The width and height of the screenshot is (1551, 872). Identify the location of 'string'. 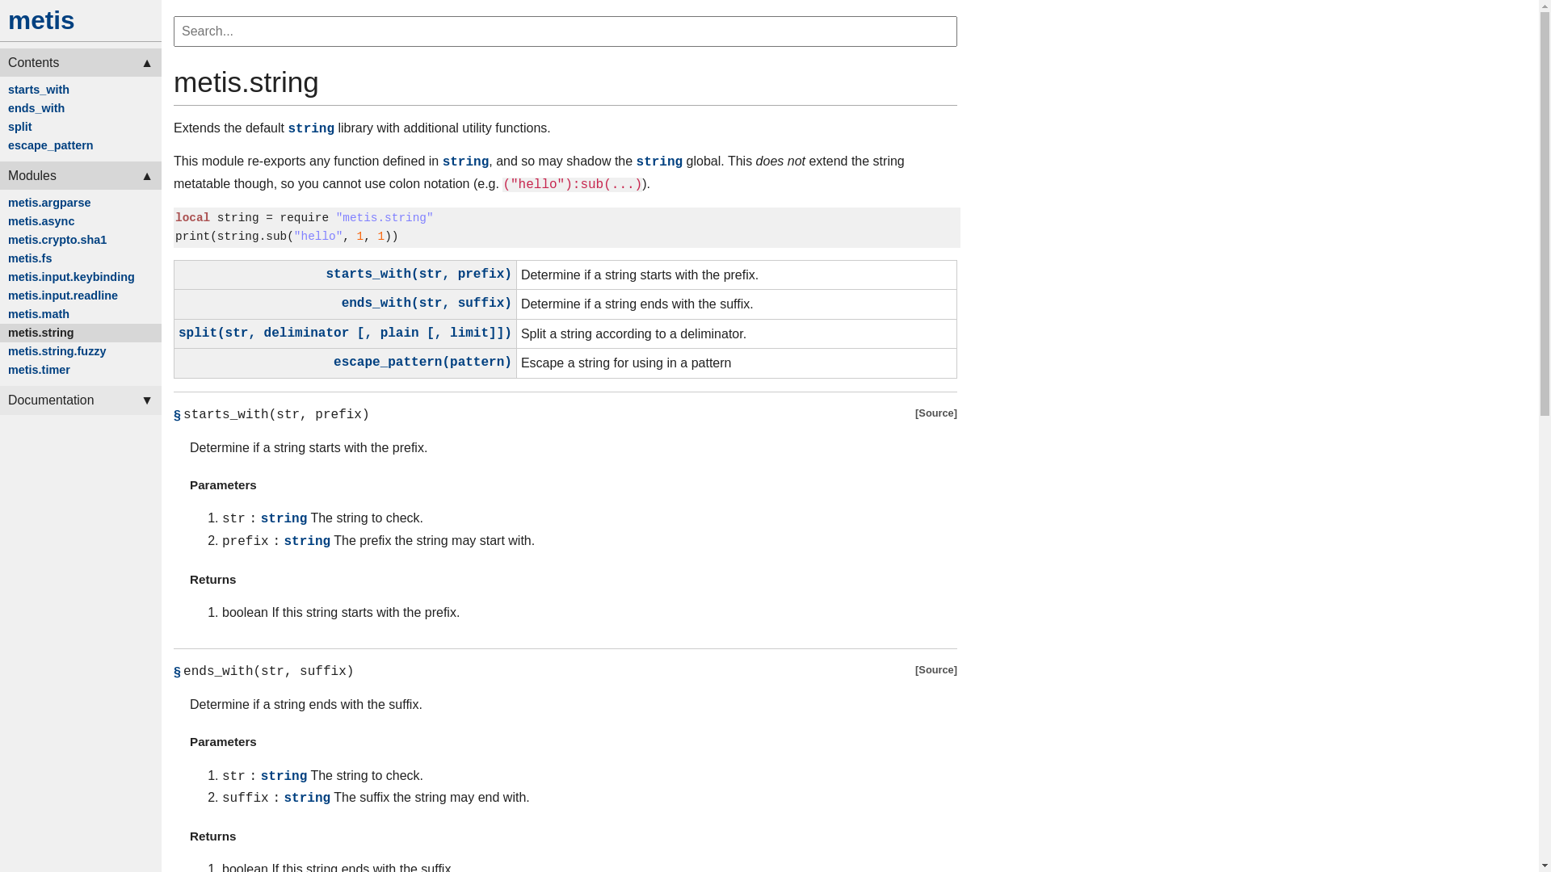
(659, 161).